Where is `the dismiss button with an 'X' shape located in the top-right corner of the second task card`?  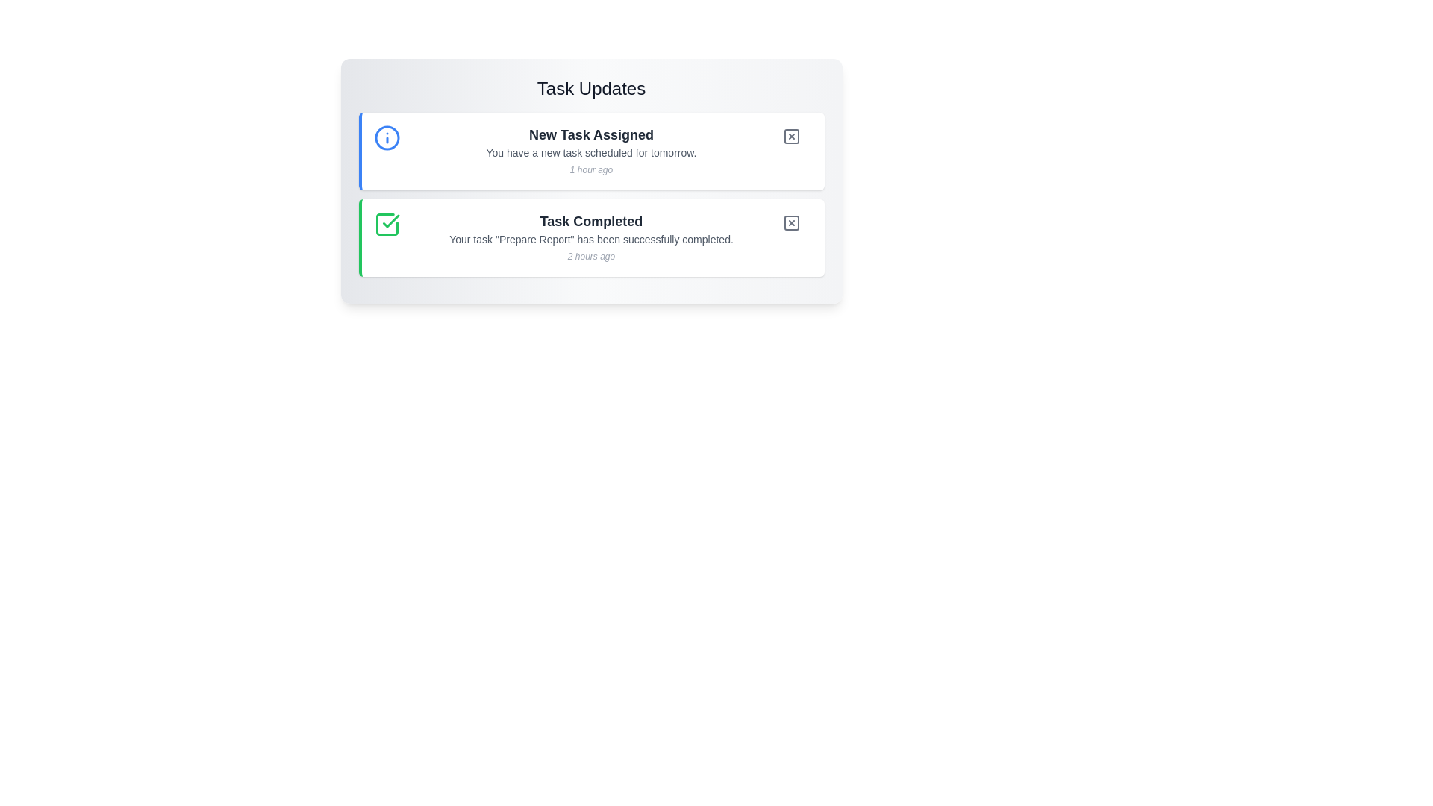
the dismiss button with an 'X' shape located in the top-right corner of the second task card is located at coordinates (790, 223).